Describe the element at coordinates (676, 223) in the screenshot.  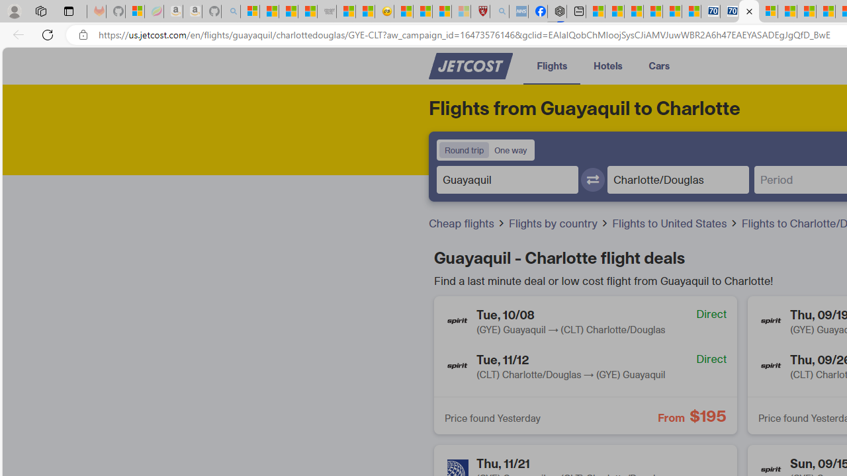
I see `'Flights to United States'` at that location.